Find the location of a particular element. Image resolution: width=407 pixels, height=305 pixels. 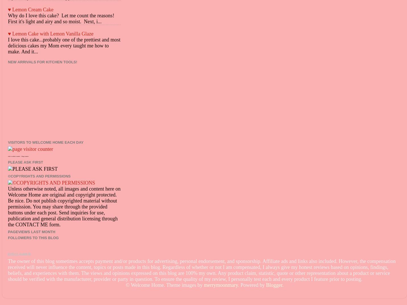

'♥ Lemon Cake with Lemon Vanilla Glaze' is located at coordinates (51, 33).